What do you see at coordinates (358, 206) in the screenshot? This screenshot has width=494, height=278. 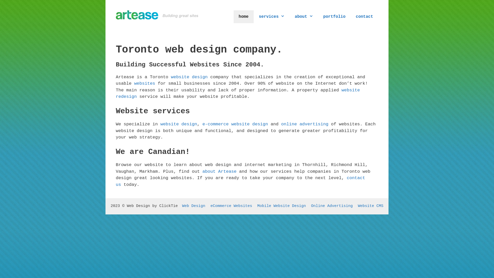 I see `'Website CMS'` at bounding box center [358, 206].